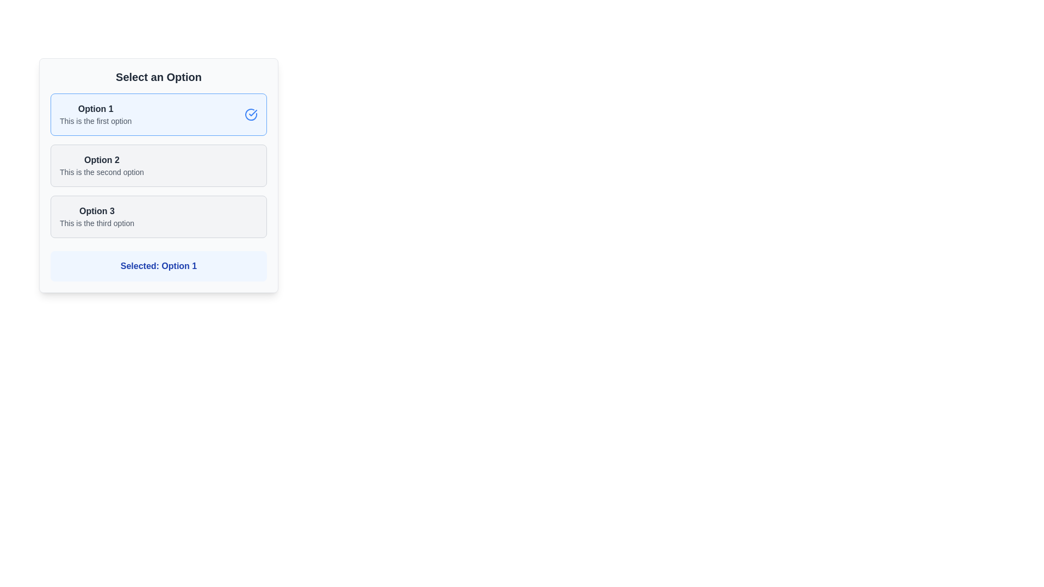  Describe the element at coordinates (250, 115) in the screenshot. I see `the circular icon with a blue border and checkmark symbol, located at the top right corner of the 'Option 1' selection box` at that location.